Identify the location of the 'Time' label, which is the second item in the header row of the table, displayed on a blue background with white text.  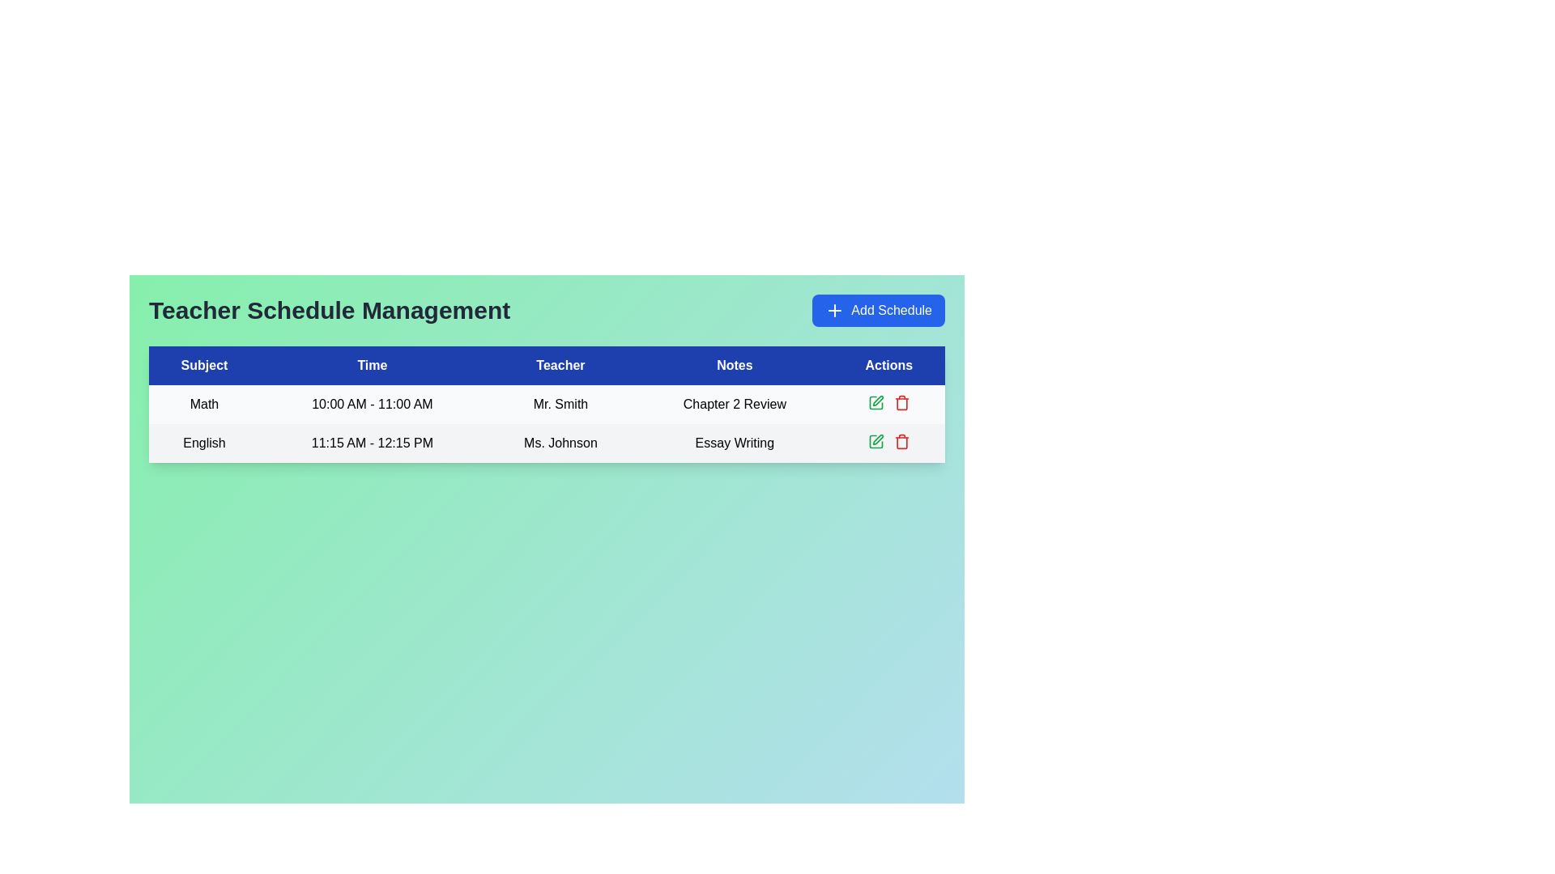
(371, 365).